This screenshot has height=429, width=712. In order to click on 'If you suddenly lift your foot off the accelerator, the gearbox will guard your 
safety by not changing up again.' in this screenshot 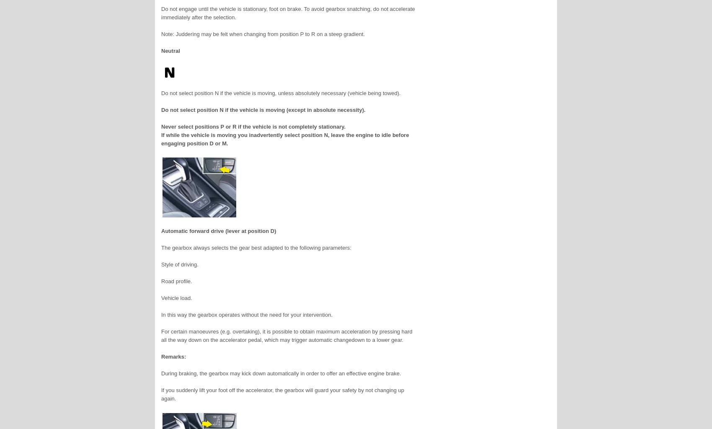, I will do `click(283, 394)`.